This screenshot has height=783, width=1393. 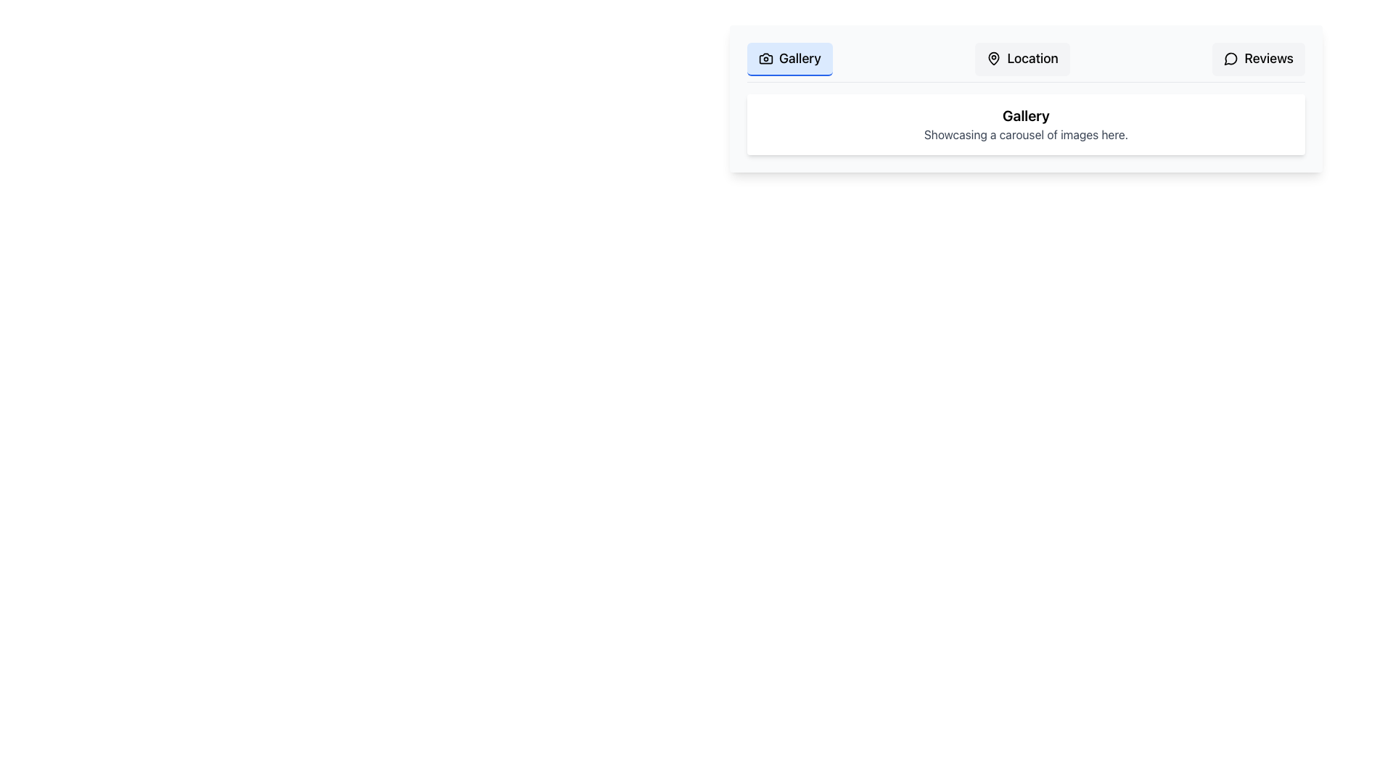 I want to click on the main structure of the camera icon located at the leftmost side of the 'Gallery' tab, so click(x=765, y=58).